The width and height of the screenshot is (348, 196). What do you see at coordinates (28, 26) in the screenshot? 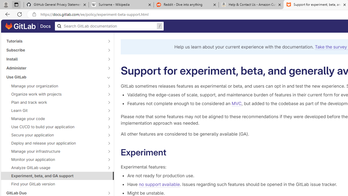
I see `'GitLab documentation home Docs'` at bounding box center [28, 26].